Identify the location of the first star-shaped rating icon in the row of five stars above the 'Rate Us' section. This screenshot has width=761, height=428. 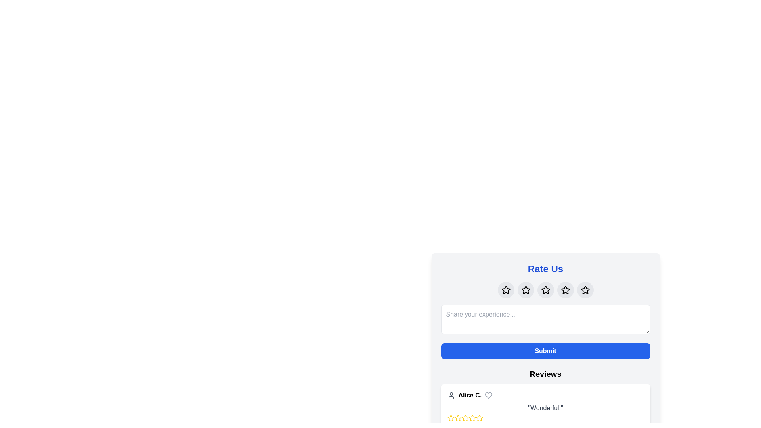
(505, 290).